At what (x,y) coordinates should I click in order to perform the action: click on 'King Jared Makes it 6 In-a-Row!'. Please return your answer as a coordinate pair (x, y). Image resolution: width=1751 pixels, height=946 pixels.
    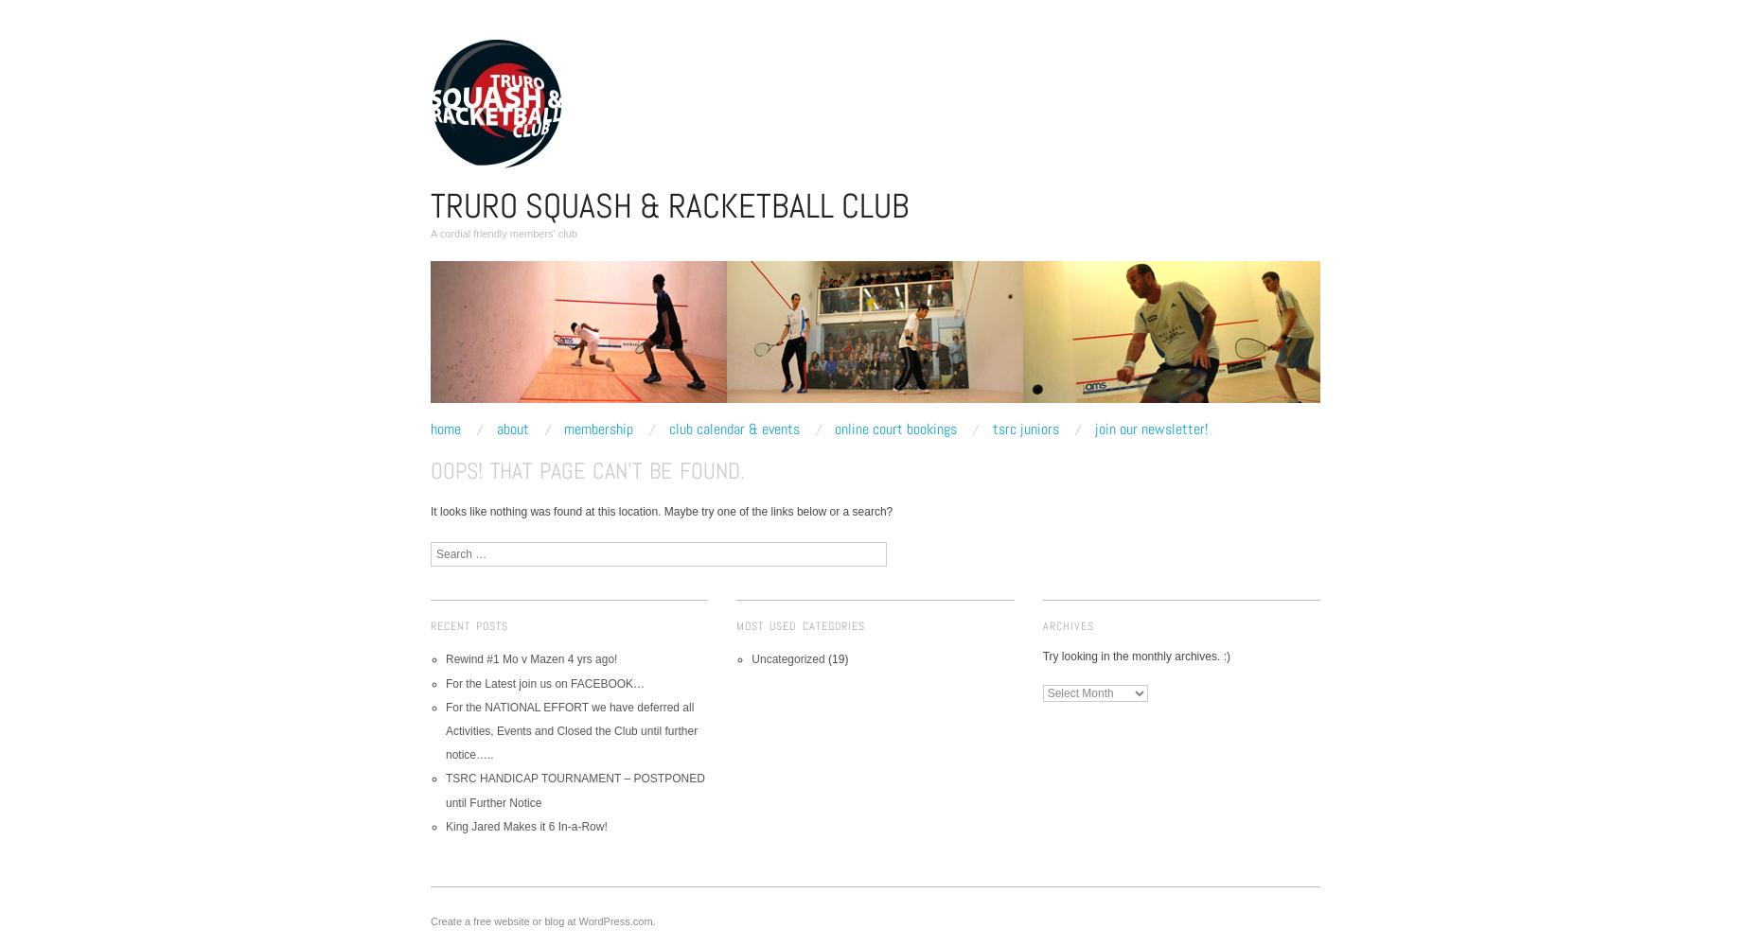
    Looking at the image, I should click on (525, 825).